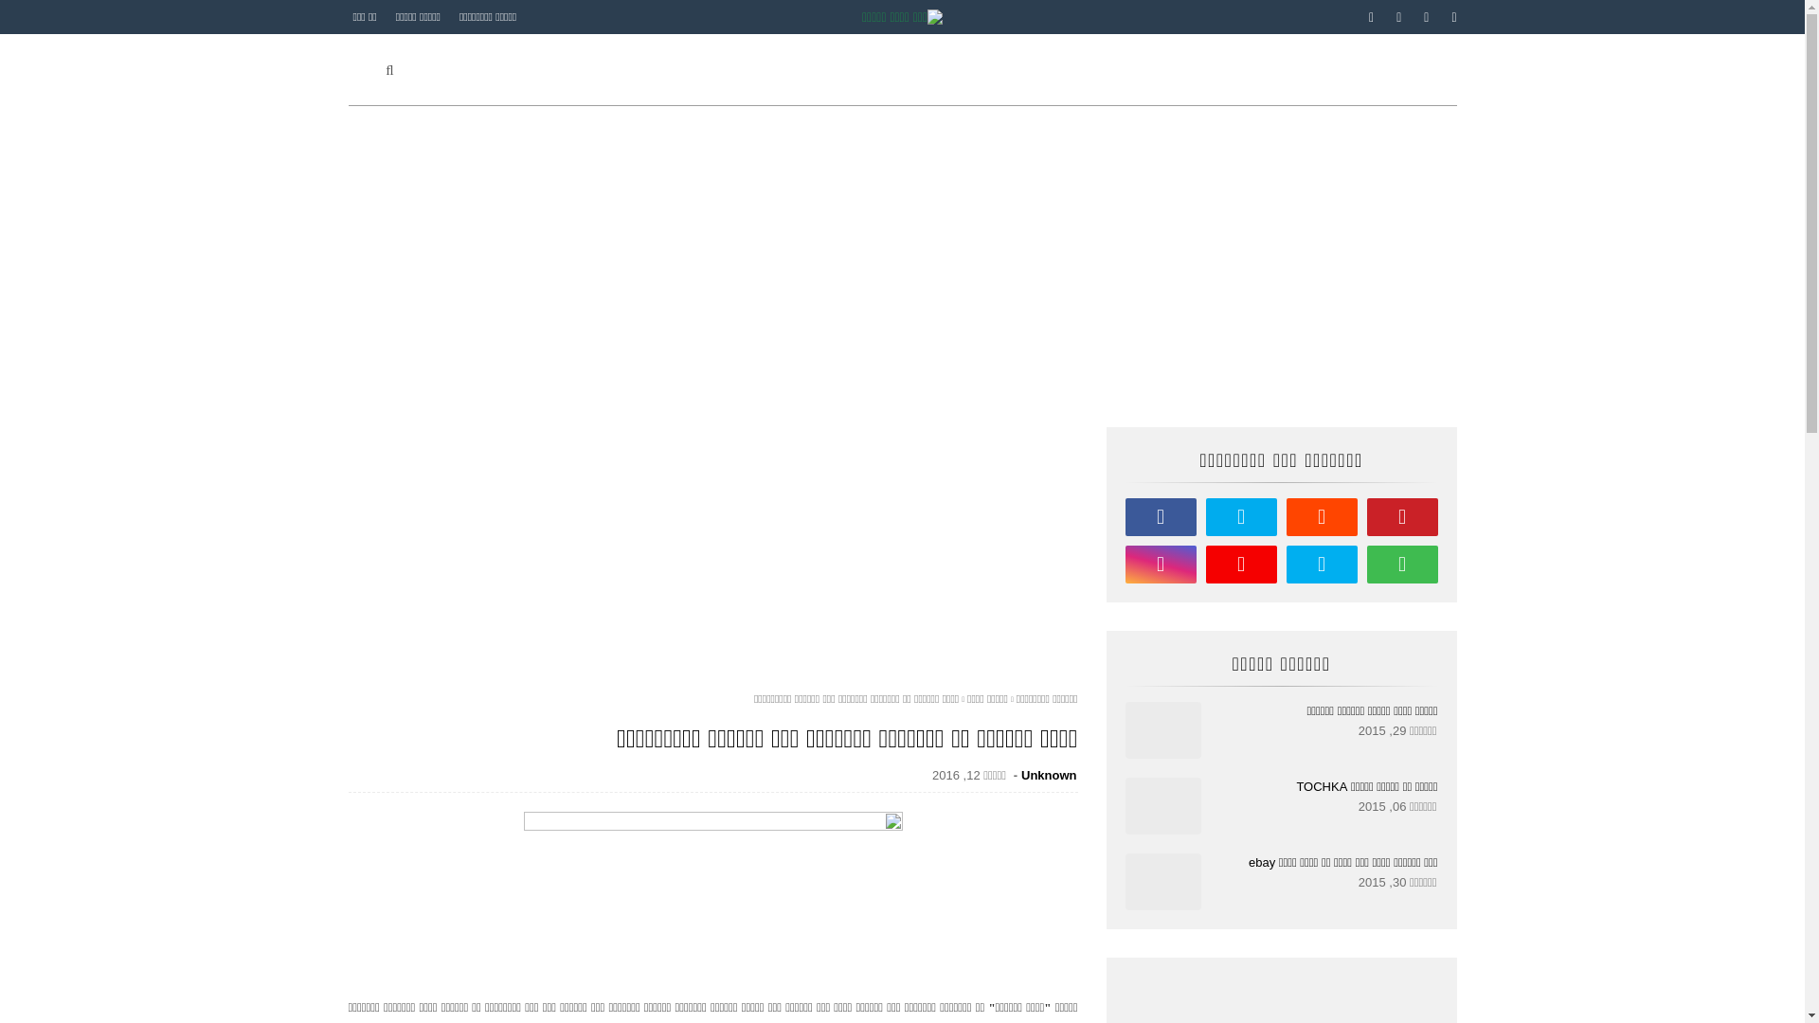 This screenshot has height=1023, width=1819. What do you see at coordinates (1160, 564) in the screenshot?
I see `'instagram'` at bounding box center [1160, 564].